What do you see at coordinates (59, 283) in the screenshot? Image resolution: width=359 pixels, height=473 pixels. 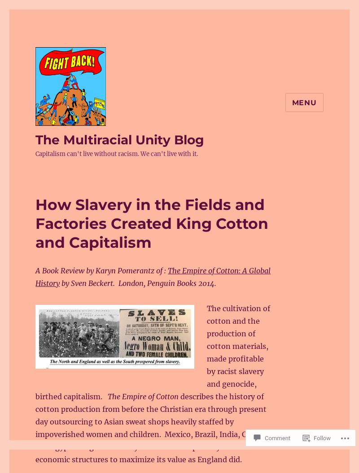 I see `'by Sven Beckert.  London, Penguin Books 2014.'` at bounding box center [59, 283].